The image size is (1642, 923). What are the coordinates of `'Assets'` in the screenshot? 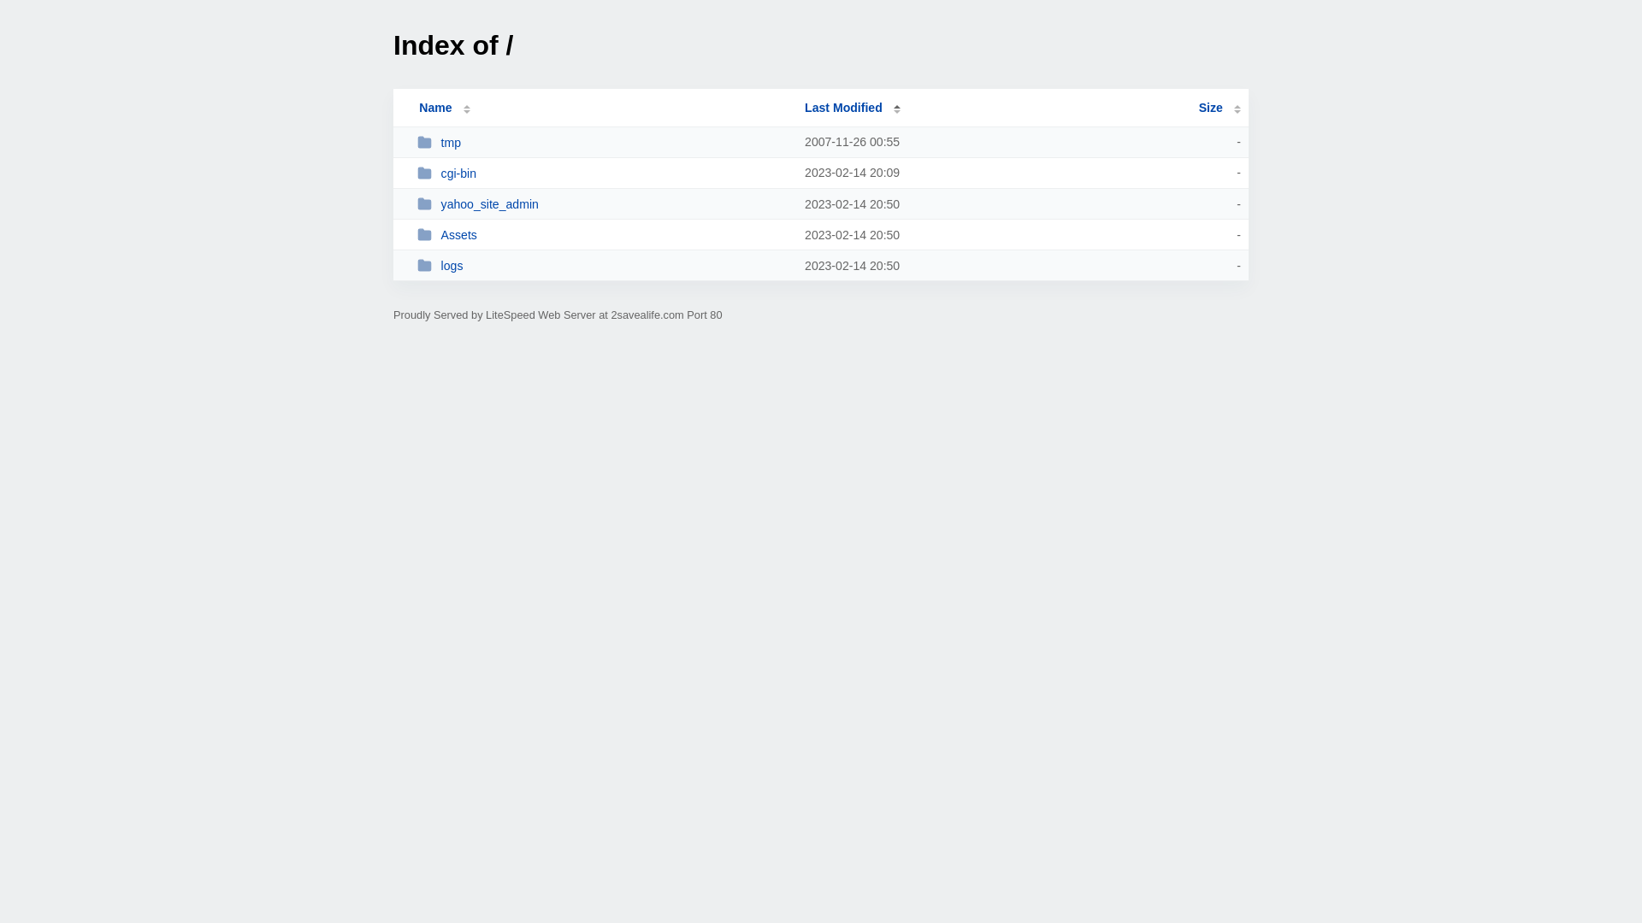 It's located at (417, 234).